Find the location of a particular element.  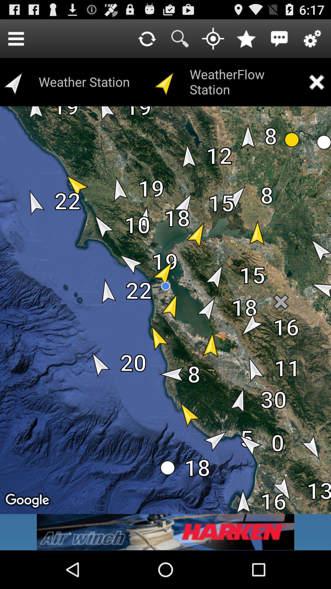

mark as favorite is located at coordinates (246, 38).